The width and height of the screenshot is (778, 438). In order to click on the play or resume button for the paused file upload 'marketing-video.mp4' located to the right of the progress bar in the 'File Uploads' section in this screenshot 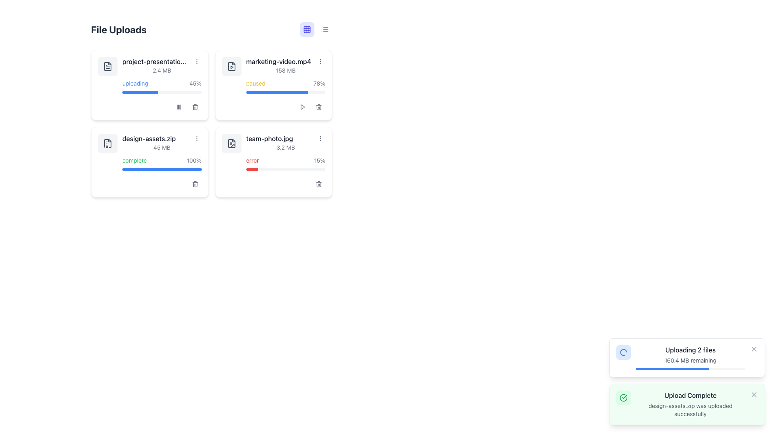, I will do `click(302, 106)`.